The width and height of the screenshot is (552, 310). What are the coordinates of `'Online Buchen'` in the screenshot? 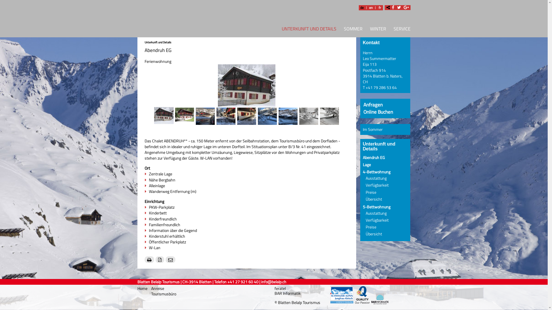 It's located at (378, 112).